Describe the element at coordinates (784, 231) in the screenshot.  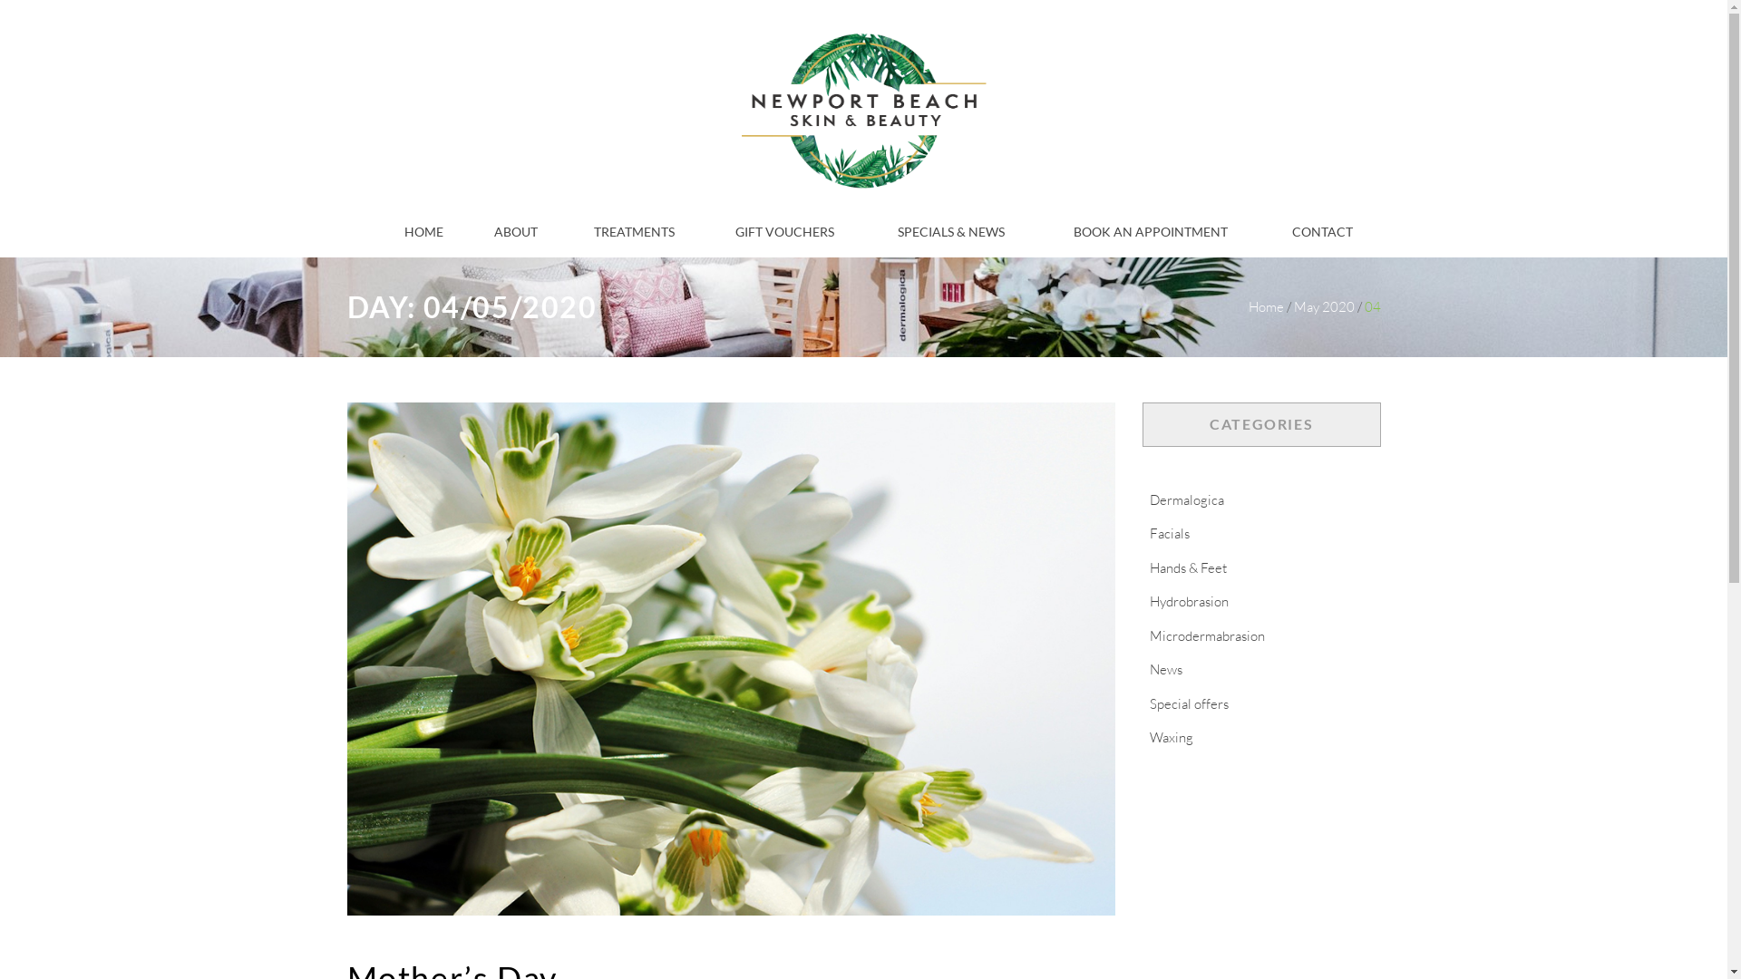
I see `'GIFT VOUCHERS'` at that location.